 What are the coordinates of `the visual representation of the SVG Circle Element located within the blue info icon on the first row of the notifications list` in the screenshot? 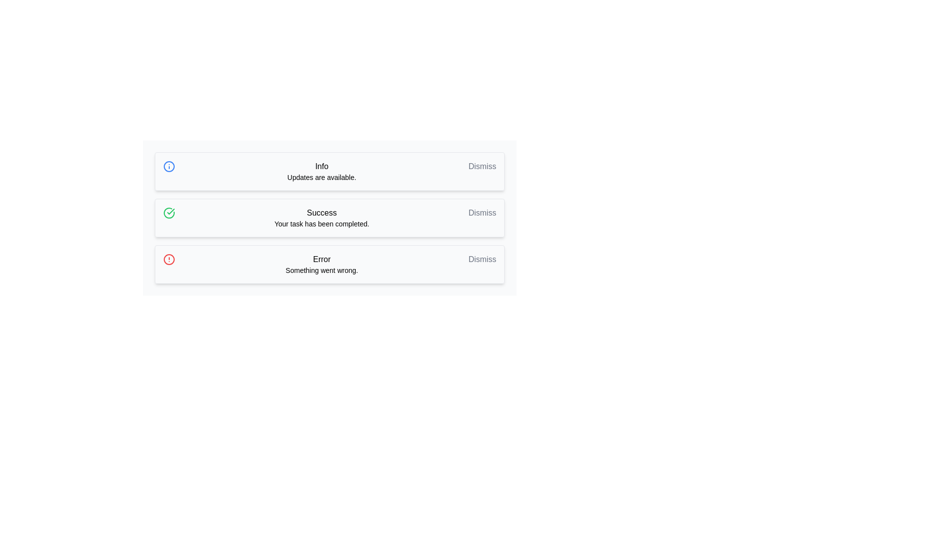 It's located at (169, 166).